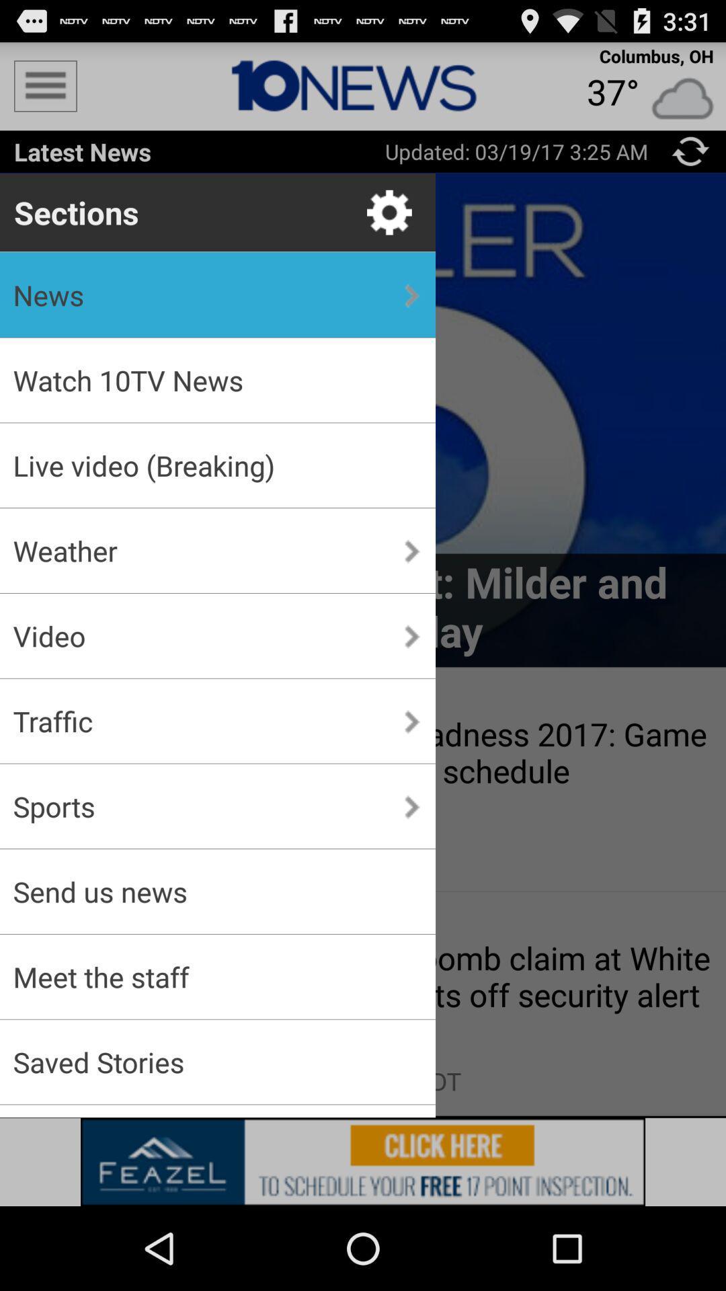 Image resolution: width=726 pixels, height=1291 pixels. Describe the element at coordinates (389, 227) in the screenshot. I see `the settings icon` at that location.